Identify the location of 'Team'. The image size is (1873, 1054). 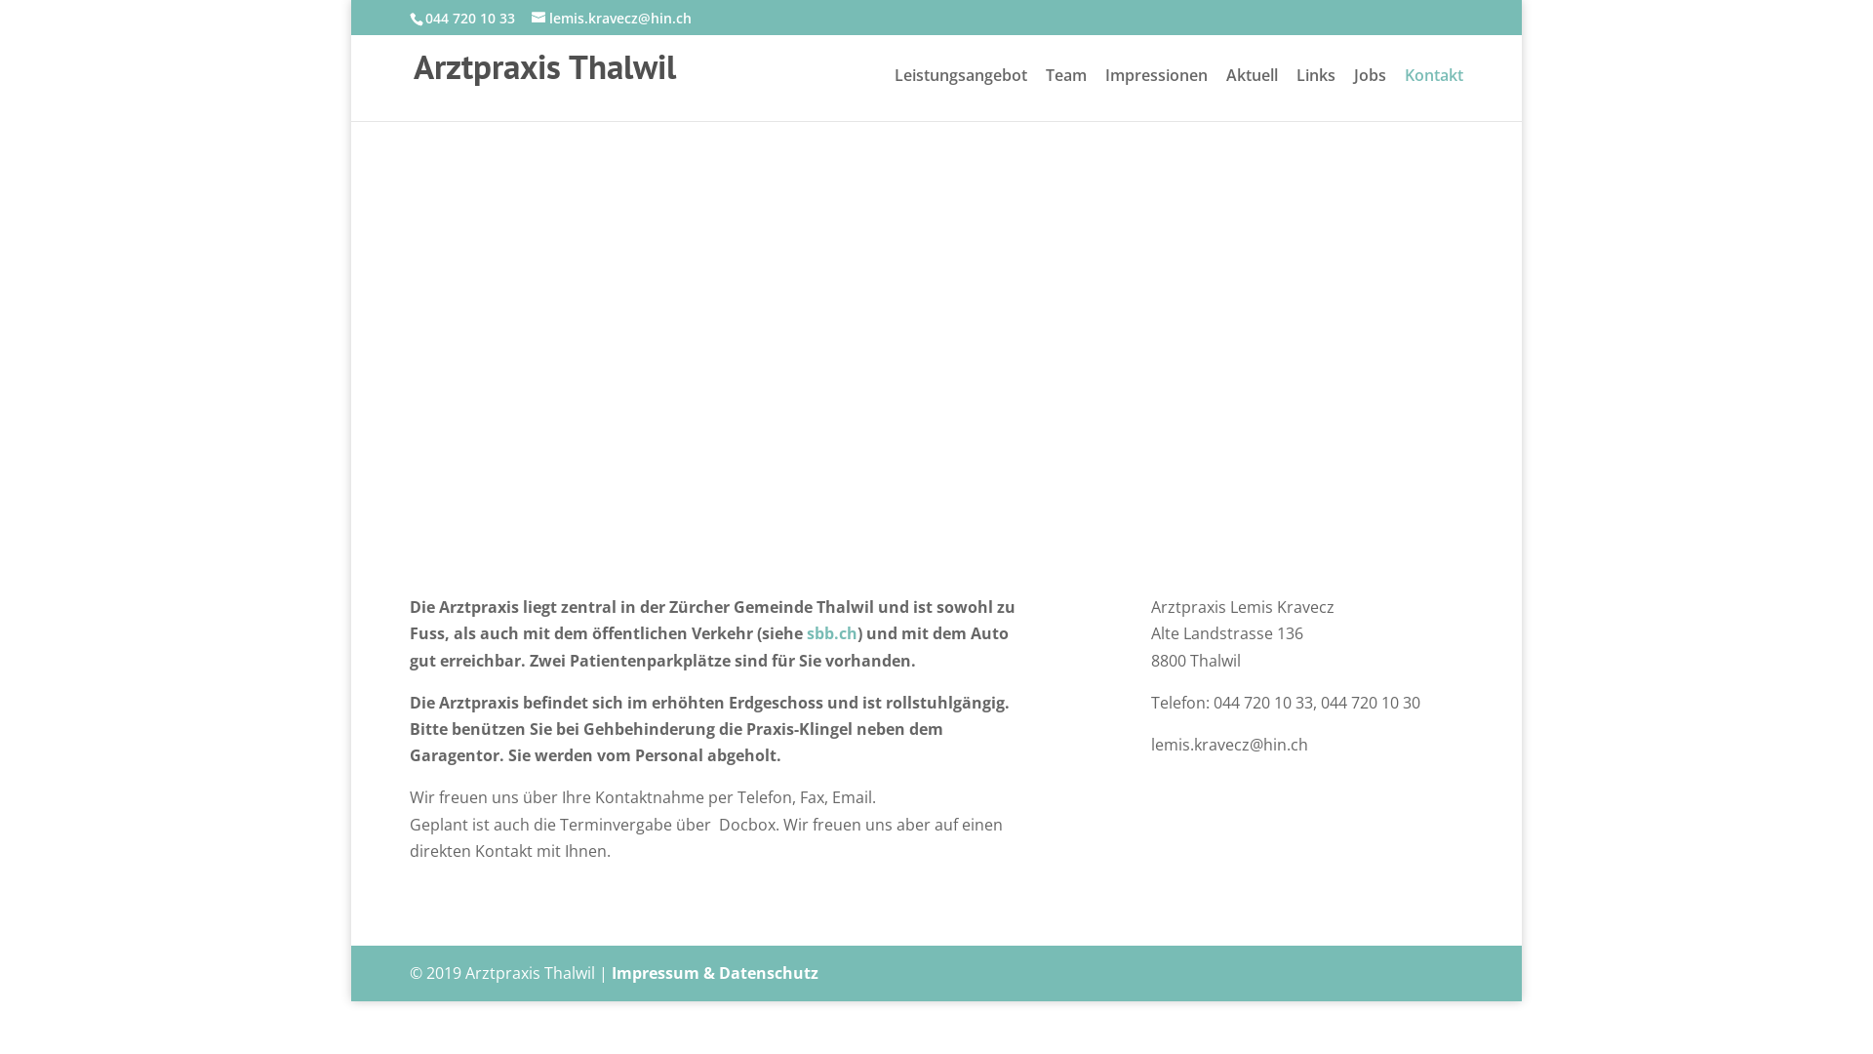
(1065, 94).